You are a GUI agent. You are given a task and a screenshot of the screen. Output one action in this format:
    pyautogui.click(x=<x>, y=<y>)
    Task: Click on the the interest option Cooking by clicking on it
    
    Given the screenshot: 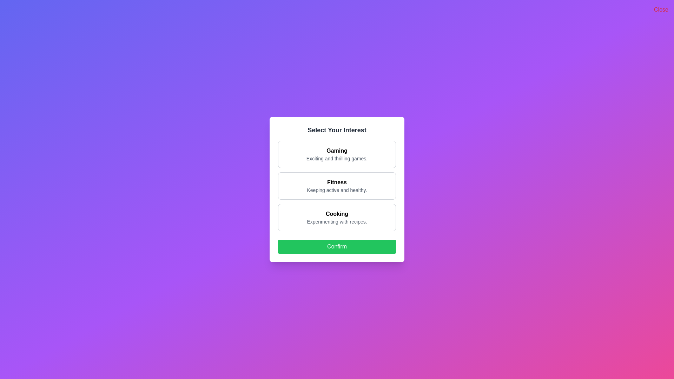 What is the action you would take?
    pyautogui.click(x=337, y=217)
    